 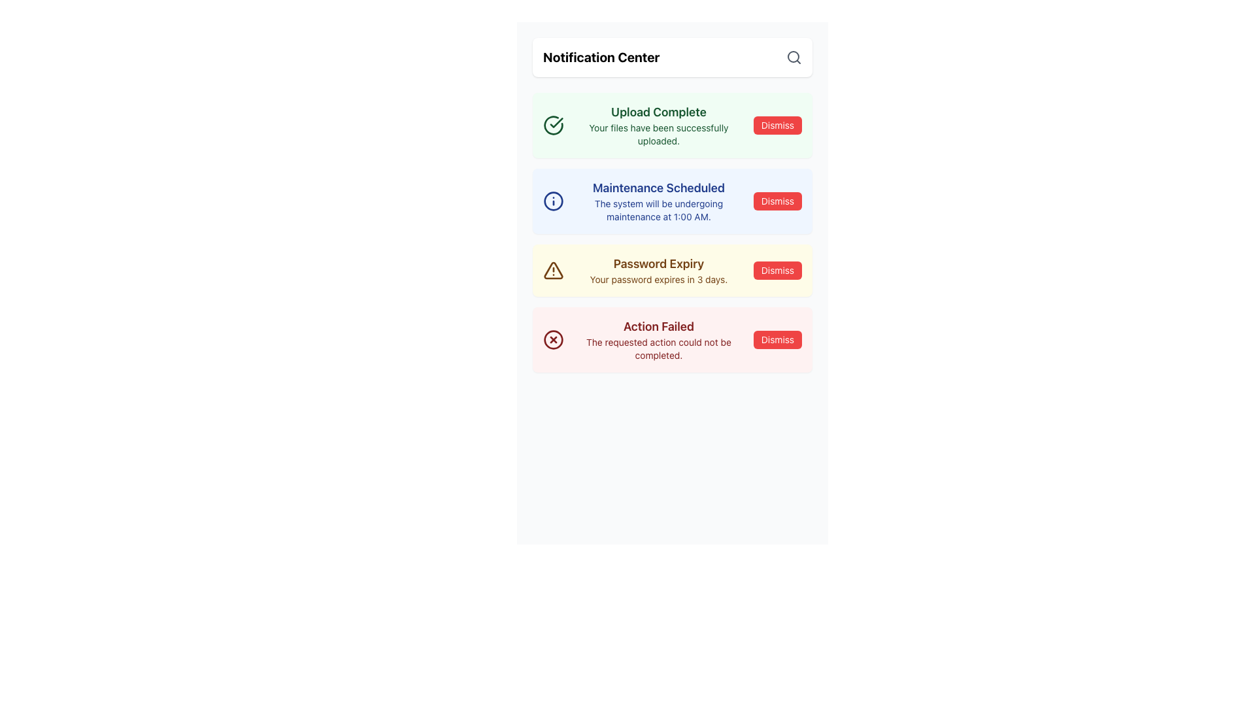 I want to click on the static text element displaying 'Upload Complete' in bold, large green font located at the top of the notification box, so click(x=659, y=112).